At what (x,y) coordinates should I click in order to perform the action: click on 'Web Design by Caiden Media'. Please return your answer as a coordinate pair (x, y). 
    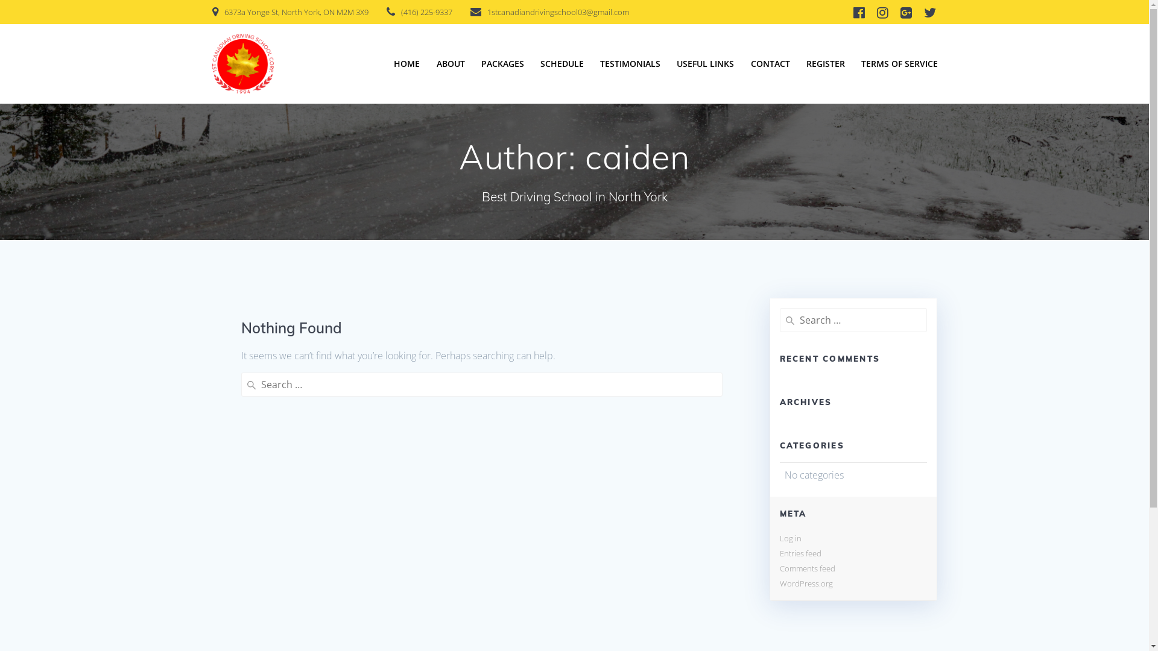
    Looking at the image, I should click on (852, 579).